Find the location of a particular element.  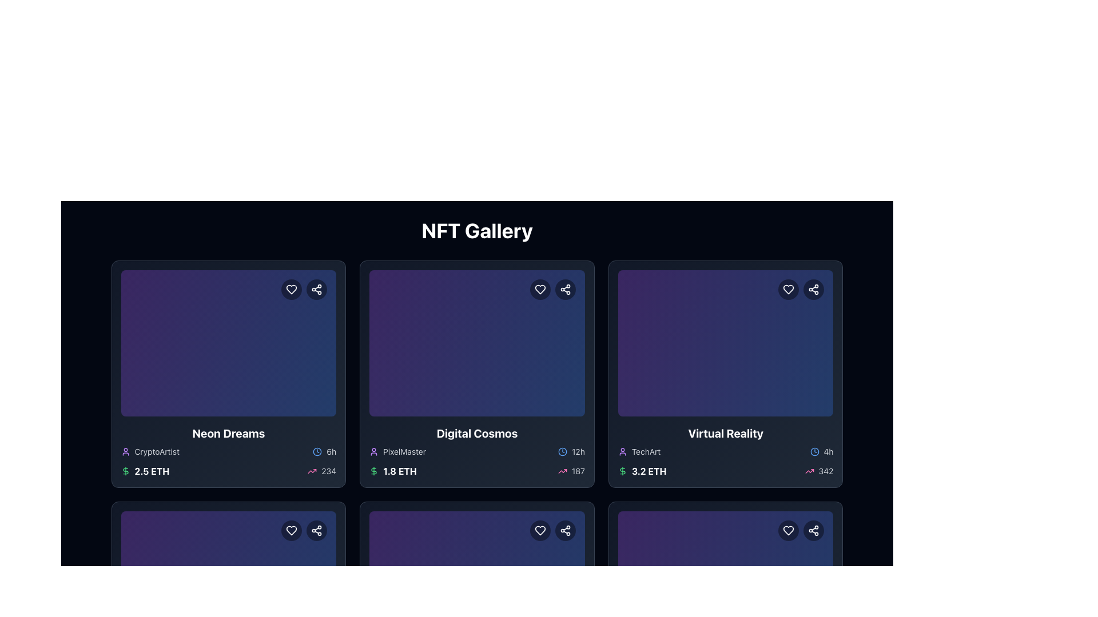

the upward trend indicator icon located to the left of the text '187' within the lower section of the 'Digital Cosmos' card is located at coordinates (562, 471).